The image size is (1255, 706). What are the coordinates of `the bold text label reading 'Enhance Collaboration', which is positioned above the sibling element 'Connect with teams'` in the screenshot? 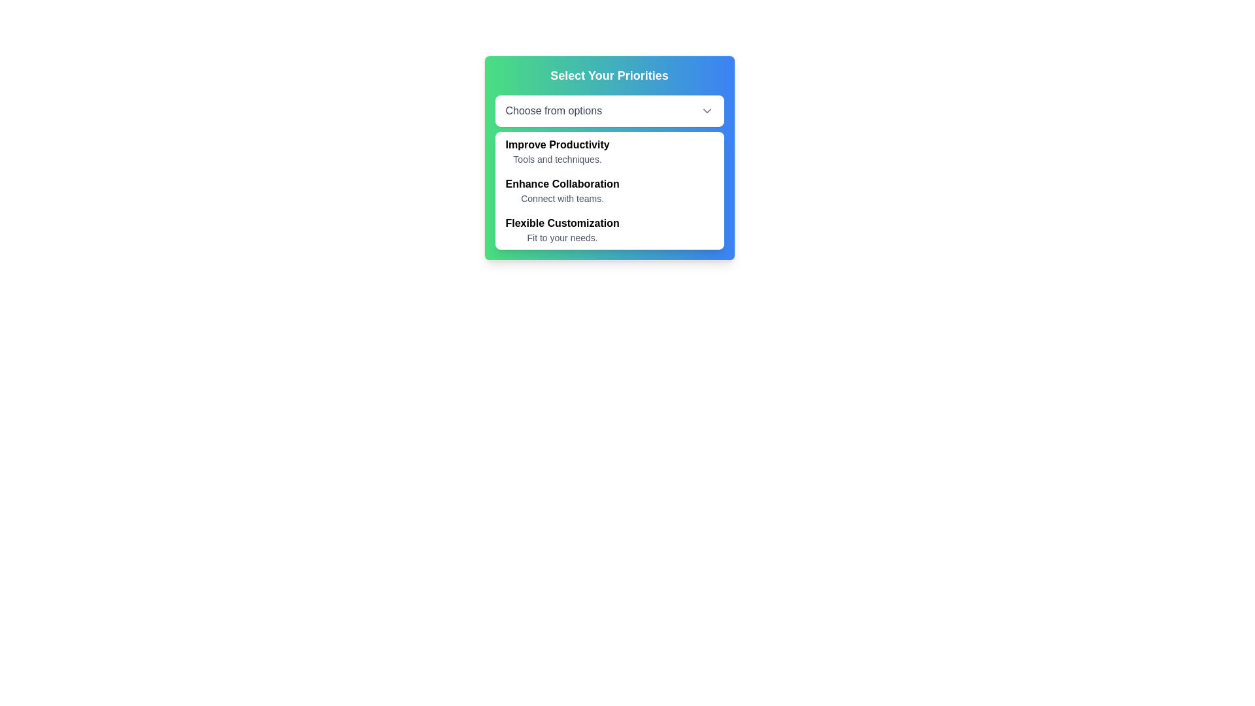 It's located at (562, 184).